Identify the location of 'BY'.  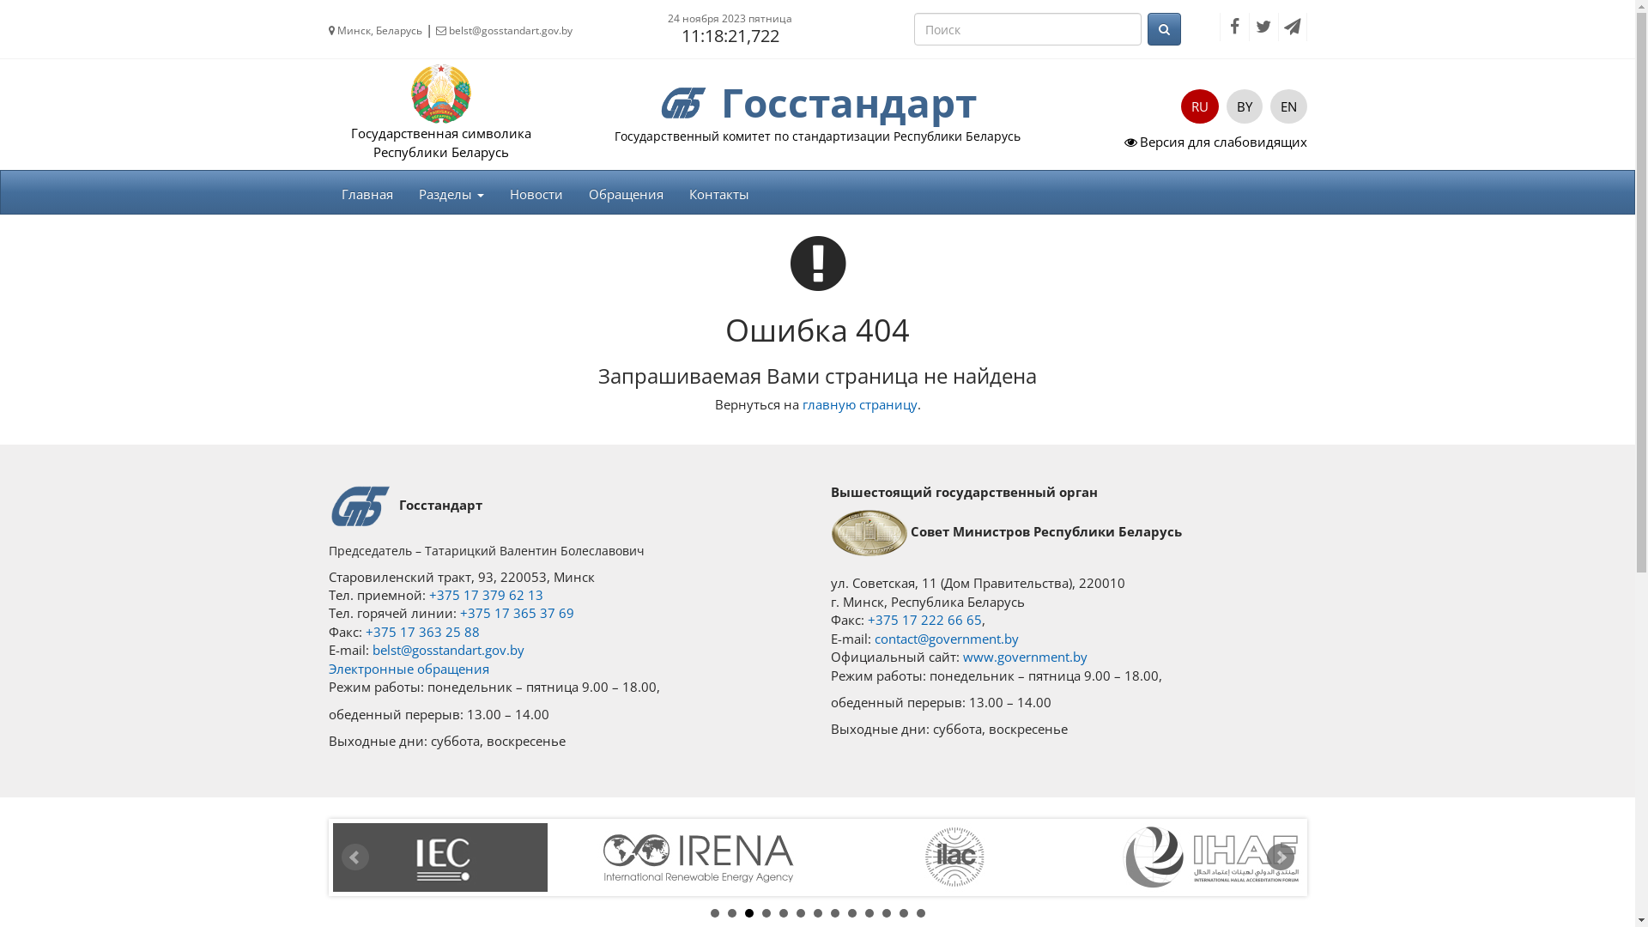
(1244, 106).